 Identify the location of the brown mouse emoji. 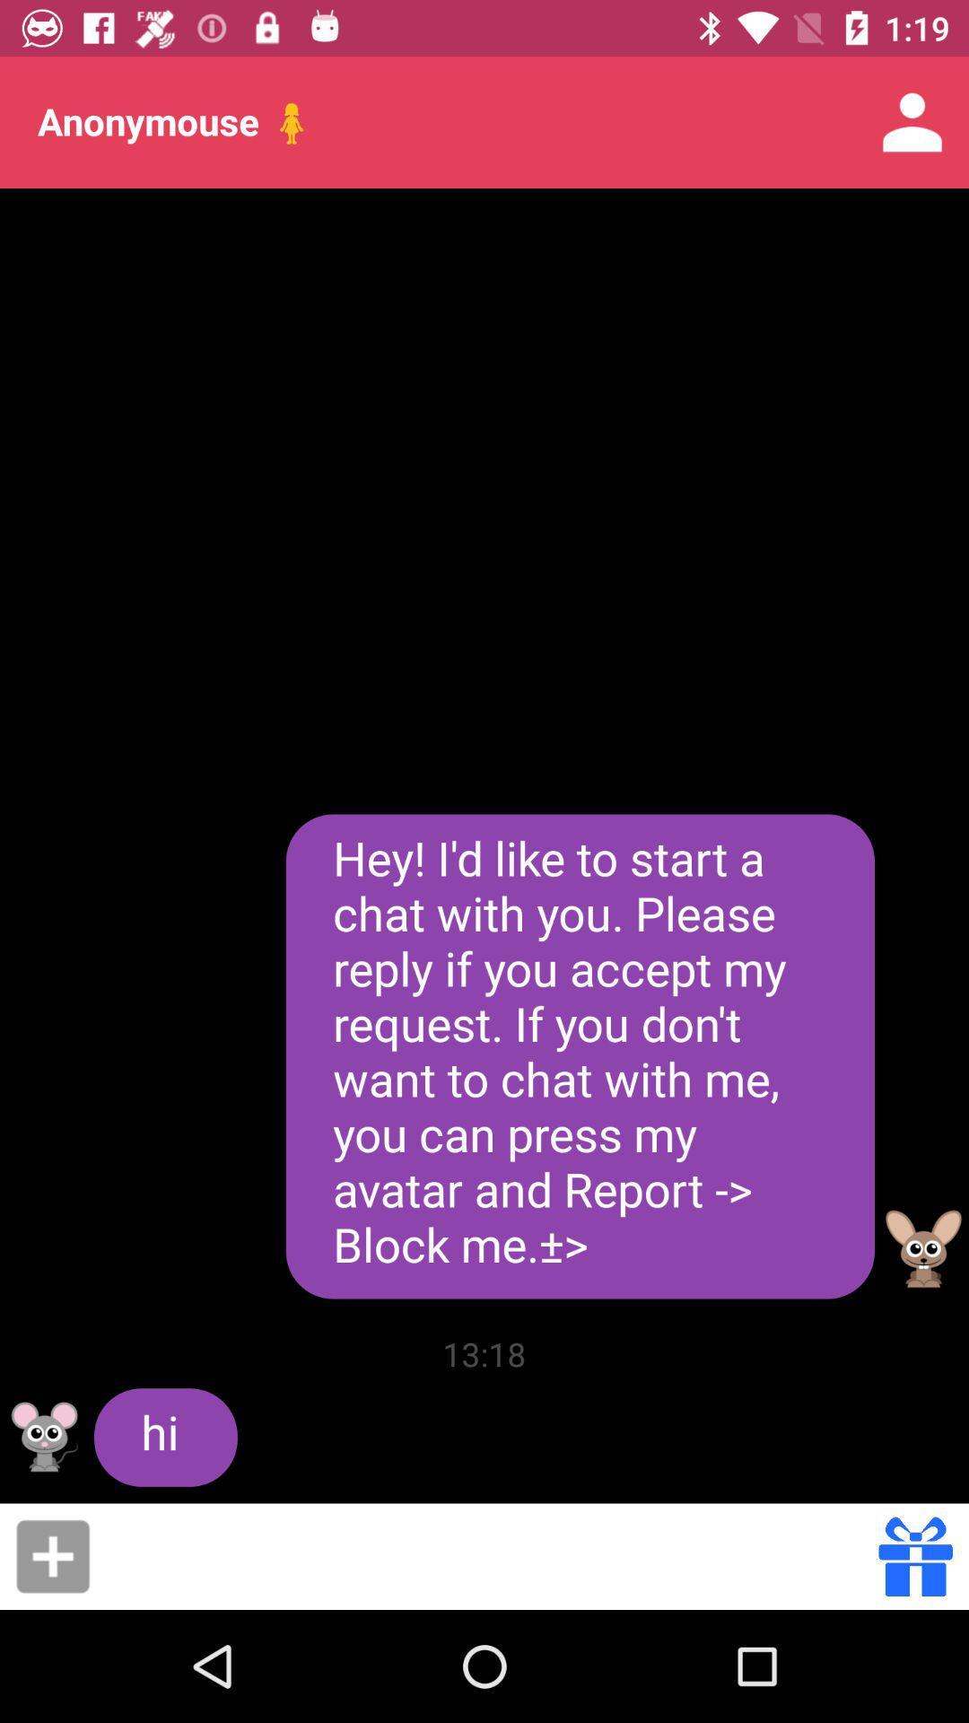
(923, 1248).